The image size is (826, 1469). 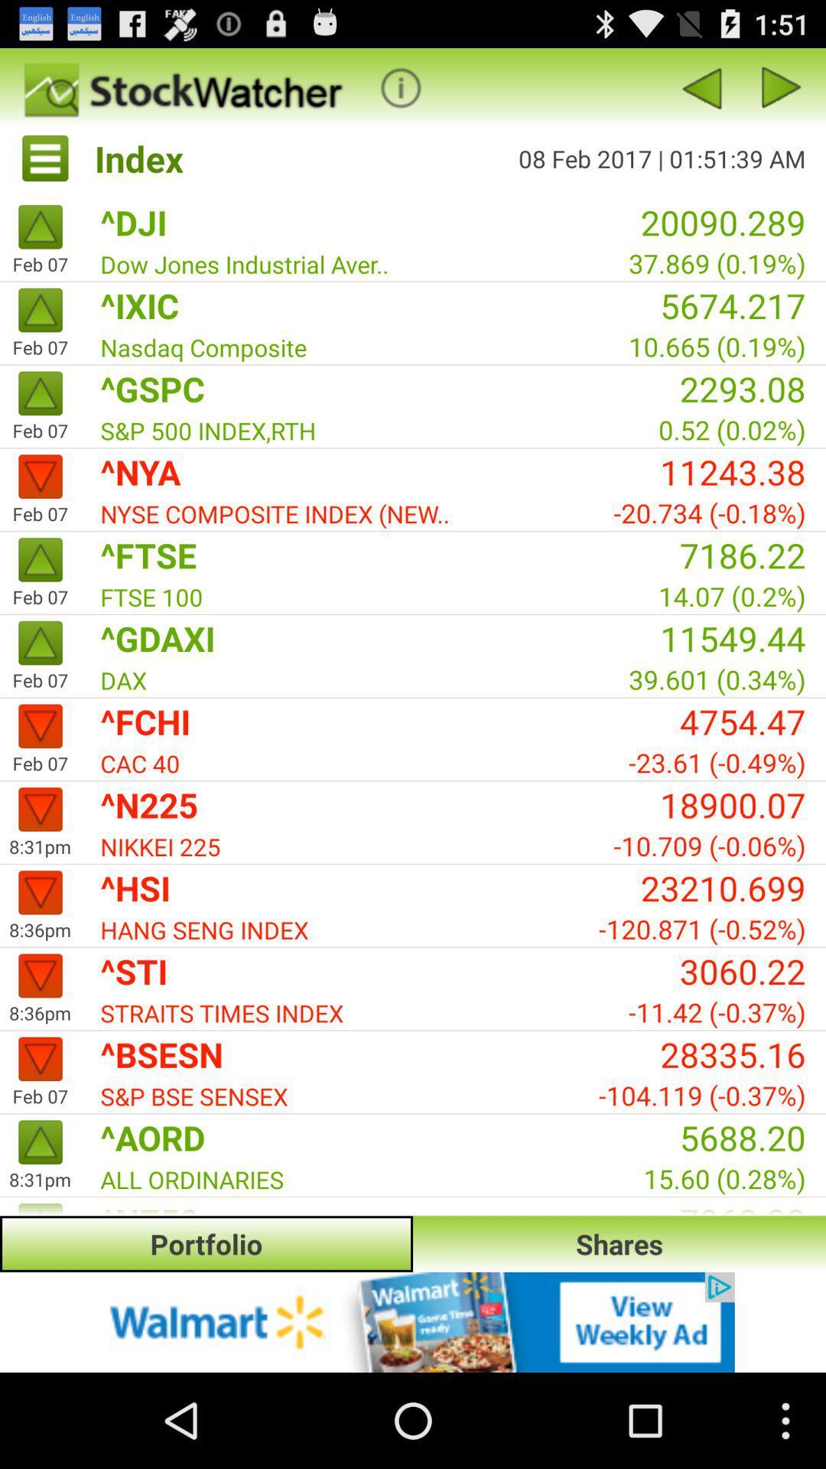 I want to click on lest, so click(x=782, y=87).